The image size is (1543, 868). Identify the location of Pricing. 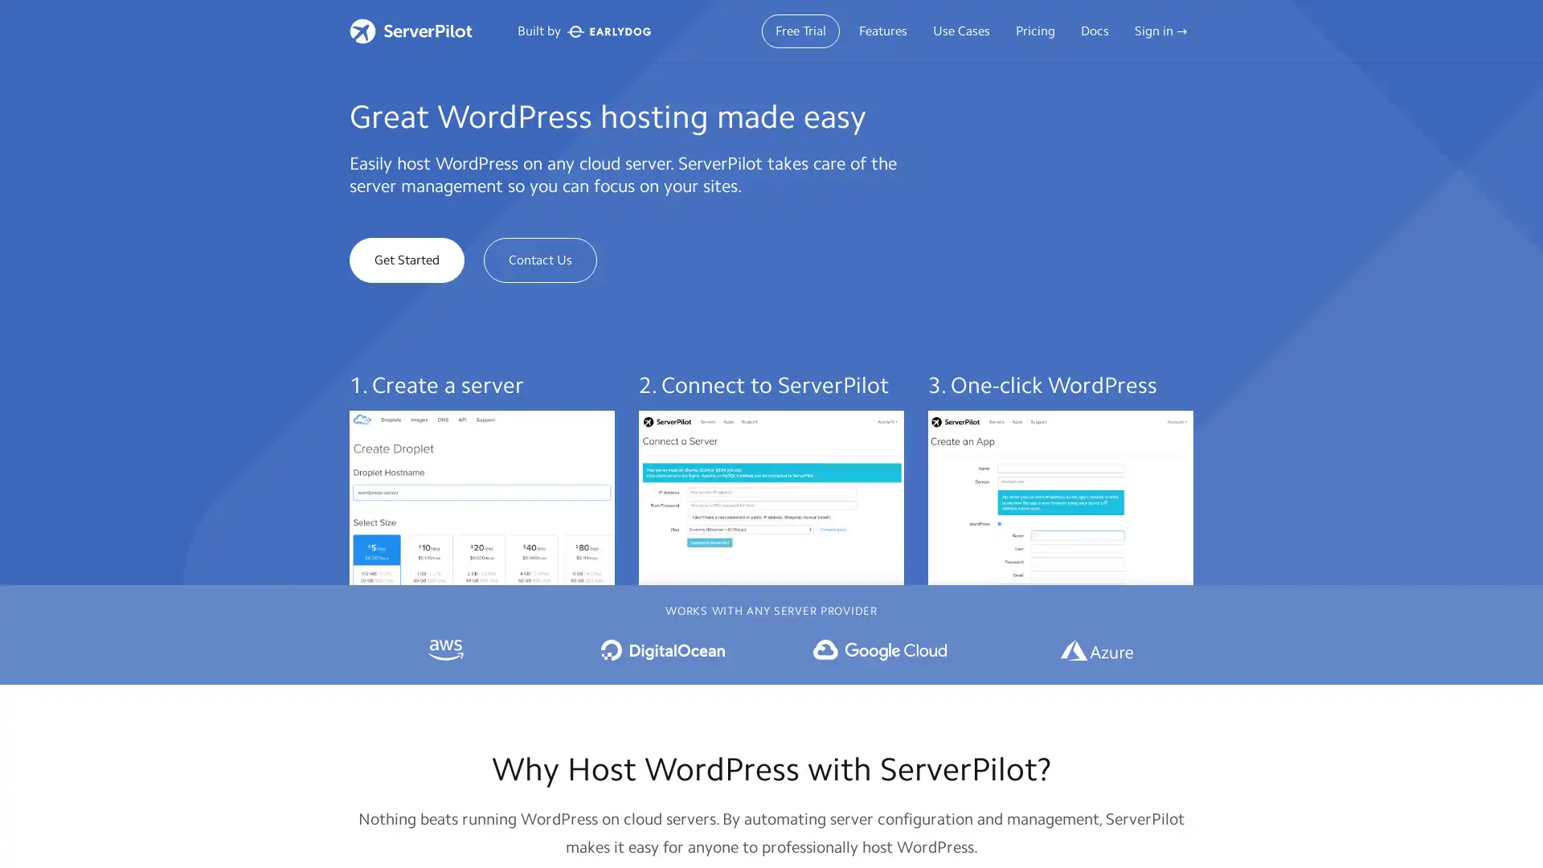
(1035, 31).